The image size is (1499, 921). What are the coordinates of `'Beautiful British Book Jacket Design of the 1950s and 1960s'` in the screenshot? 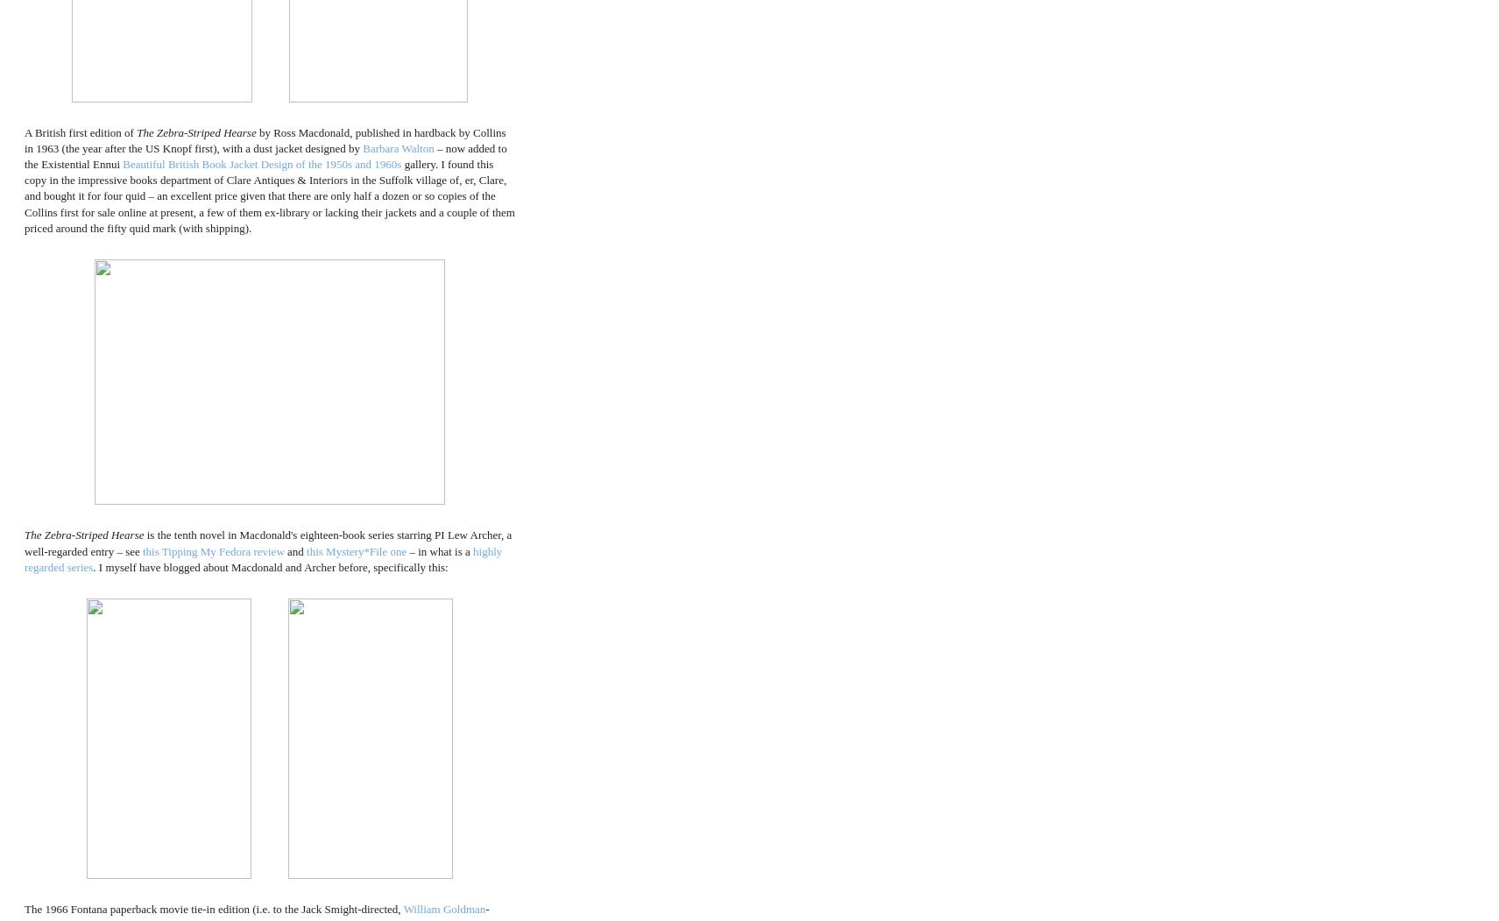 It's located at (262, 164).